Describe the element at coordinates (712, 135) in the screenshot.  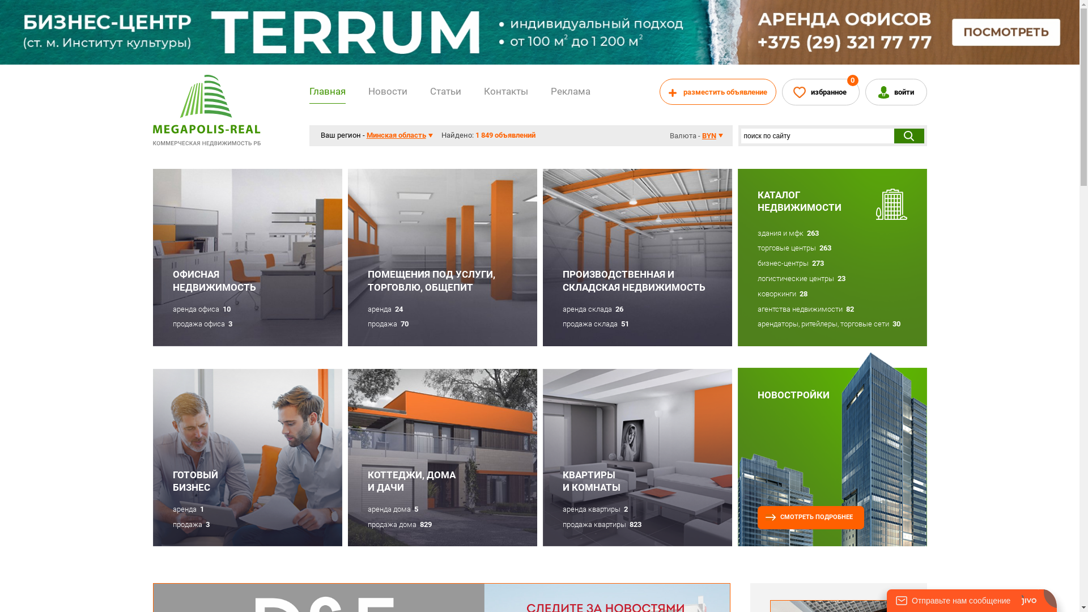
I see `'BYN'` at that location.